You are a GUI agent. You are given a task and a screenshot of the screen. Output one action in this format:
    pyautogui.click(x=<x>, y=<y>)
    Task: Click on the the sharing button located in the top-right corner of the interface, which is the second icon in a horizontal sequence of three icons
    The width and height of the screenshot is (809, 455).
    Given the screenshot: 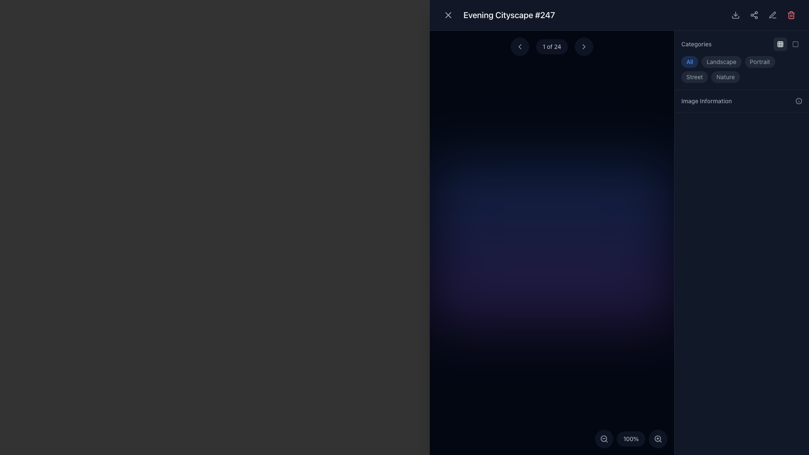 What is the action you would take?
    pyautogui.click(x=754, y=15)
    